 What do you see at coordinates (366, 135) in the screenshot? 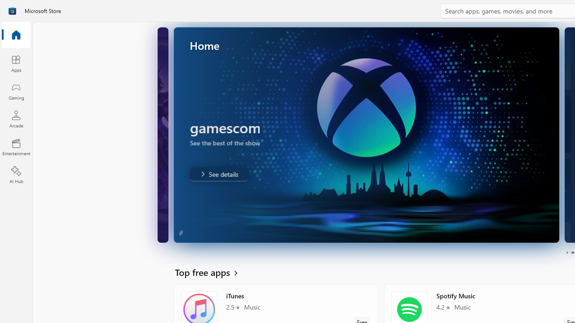
I see `'AutomationID: Image'` at bounding box center [366, 135].